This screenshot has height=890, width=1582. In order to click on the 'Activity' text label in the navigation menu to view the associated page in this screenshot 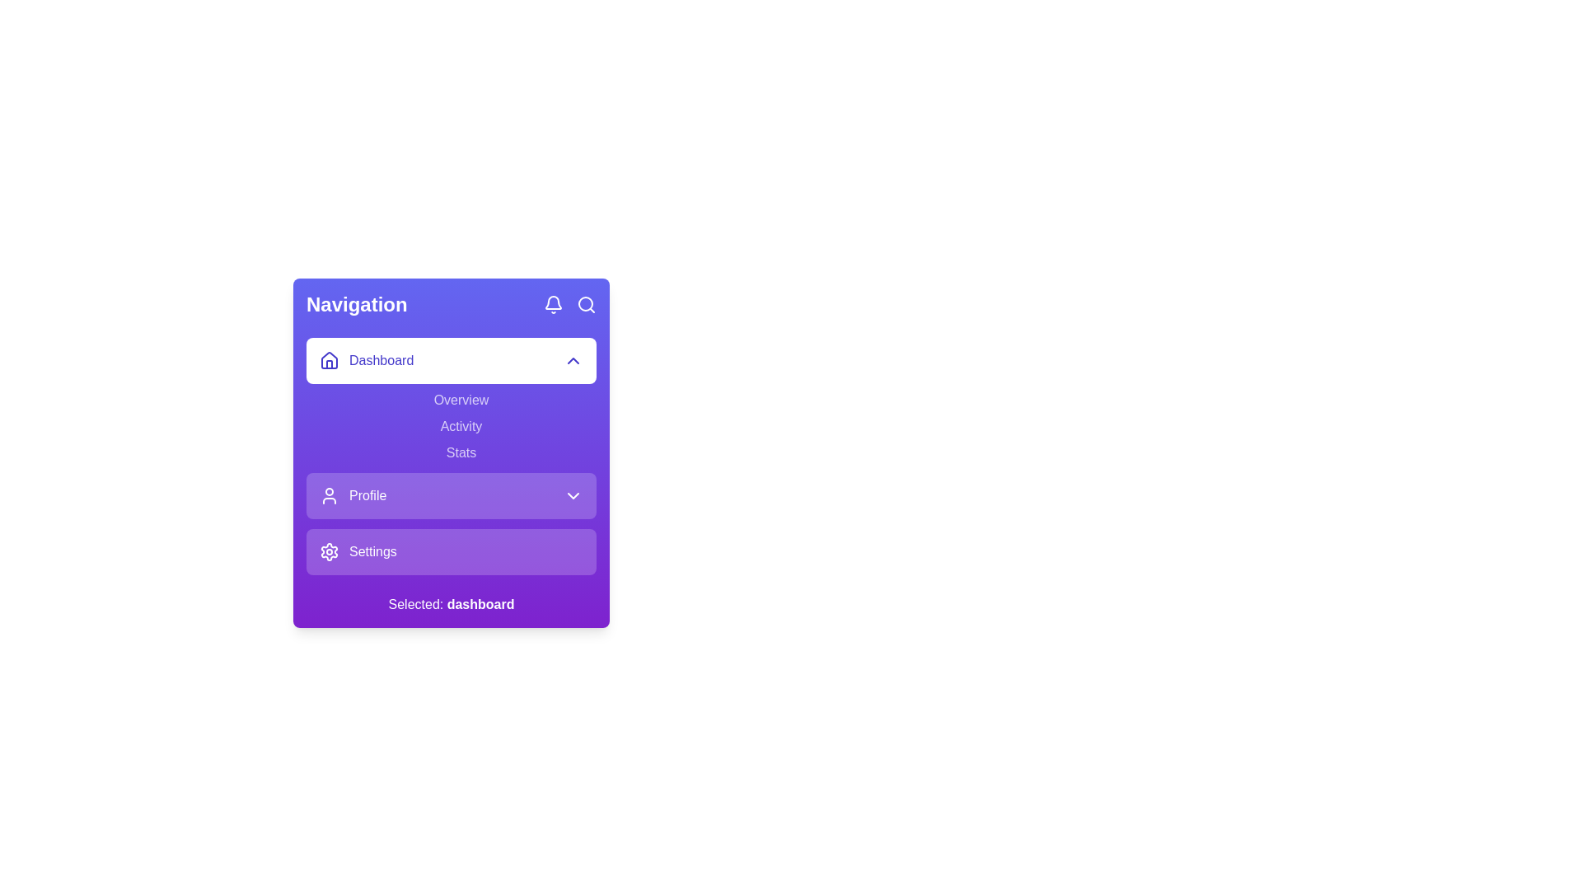, I will do `click(461, 425)`.